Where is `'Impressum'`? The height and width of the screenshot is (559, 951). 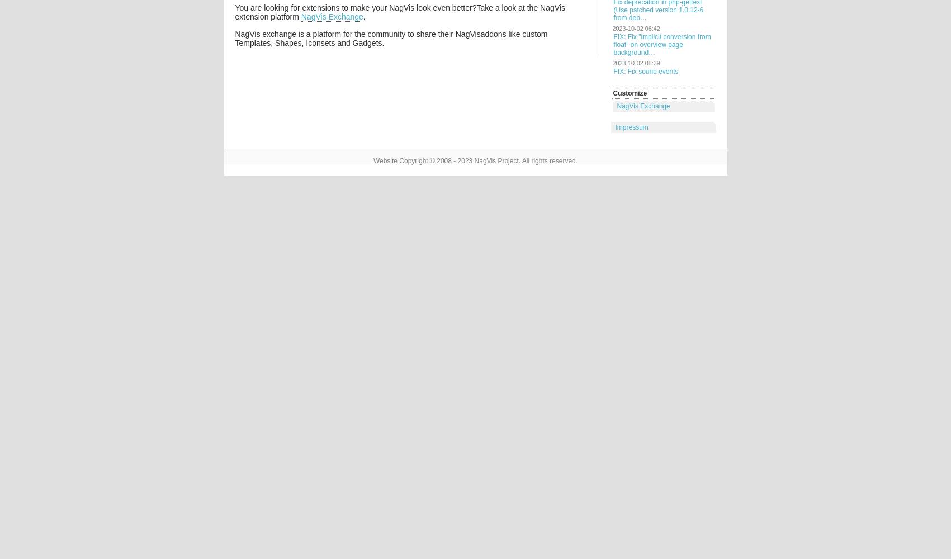
'Impressum' is located at coordinates (631, 127).